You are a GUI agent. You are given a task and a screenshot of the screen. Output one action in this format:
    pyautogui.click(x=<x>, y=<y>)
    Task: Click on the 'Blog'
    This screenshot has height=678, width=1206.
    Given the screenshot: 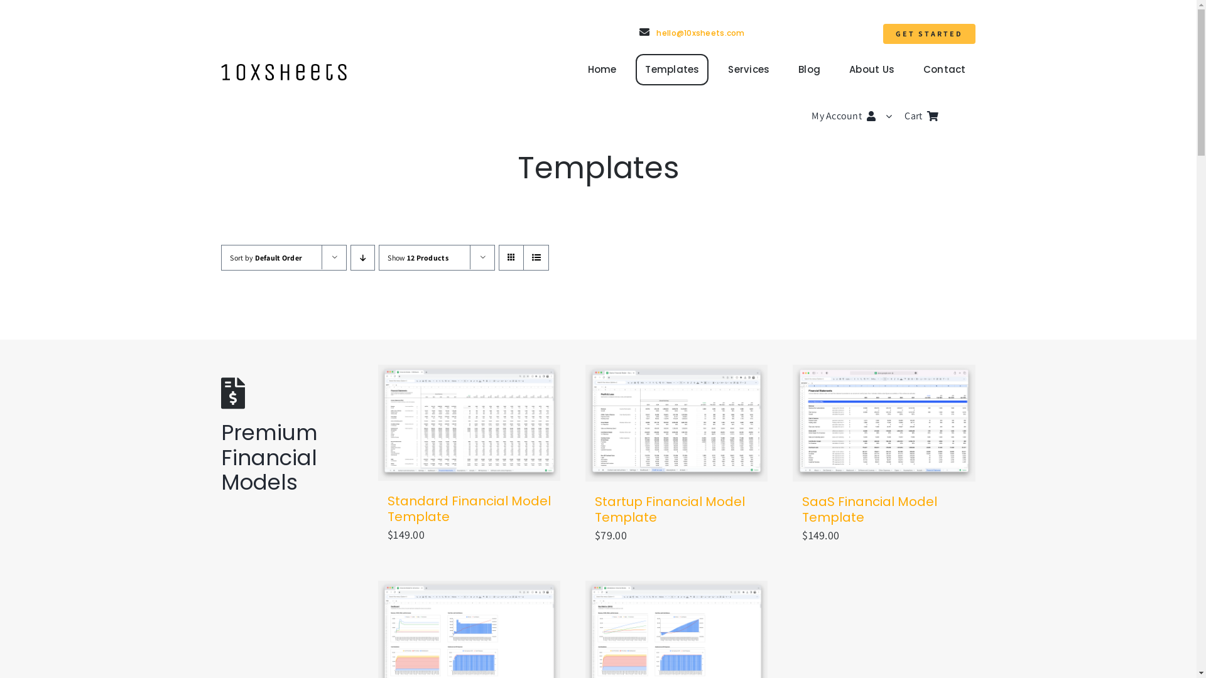 What is the action you would take?
    pyautogui.click(x=809, y=70)
    